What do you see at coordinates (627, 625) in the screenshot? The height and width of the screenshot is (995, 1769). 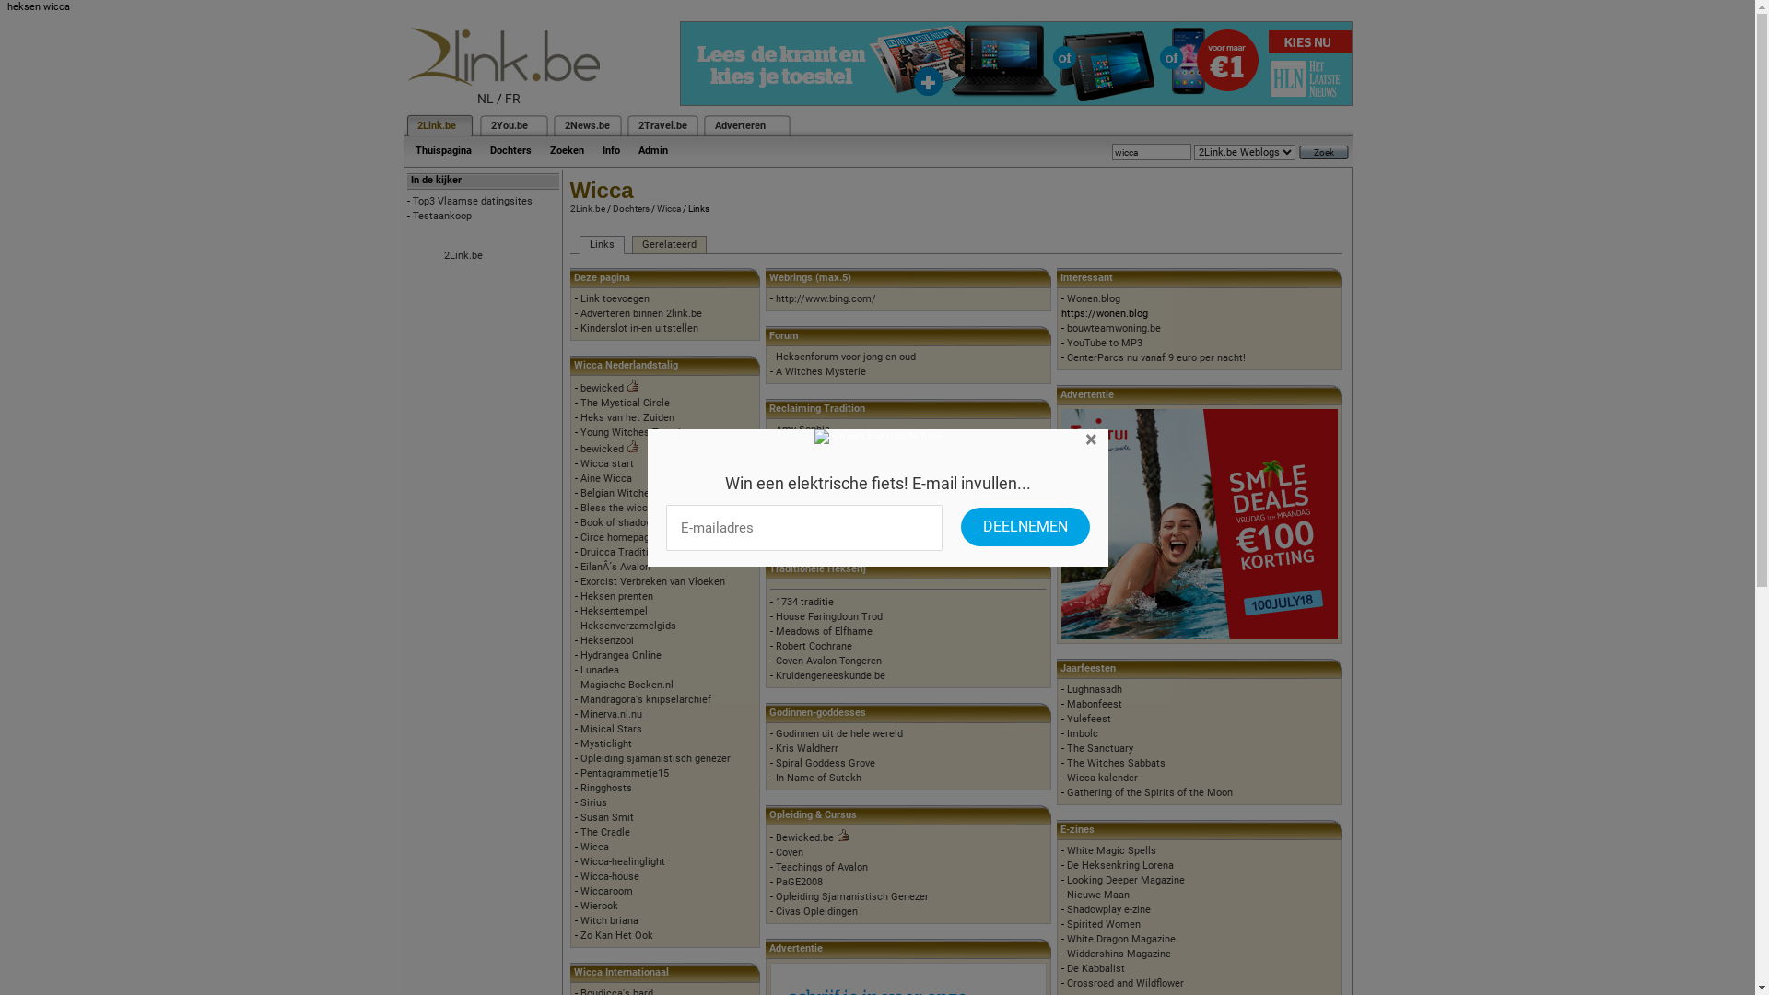 I see `'Heksenverzamelgids'` at bounding box center [627, 625].